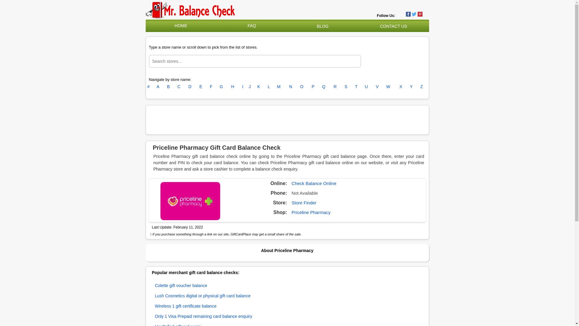 Image resolution: width=579 pixels, height=326 pixels. What do you see at coordinates (269, 86) in the screenshot?
I see `'L'` at bounding box center [269, 86].